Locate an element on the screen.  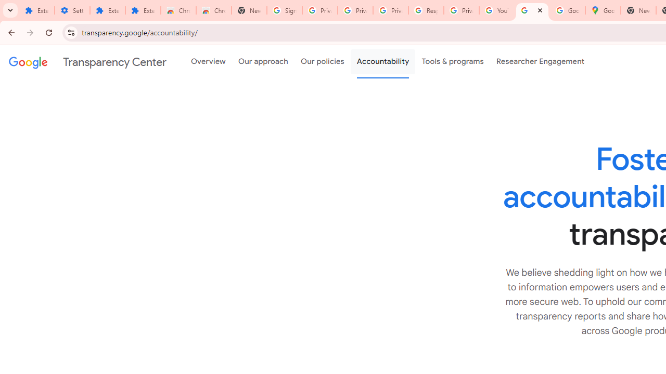
'Sign in - Google Accounts' is located at coordinates (285, 10).